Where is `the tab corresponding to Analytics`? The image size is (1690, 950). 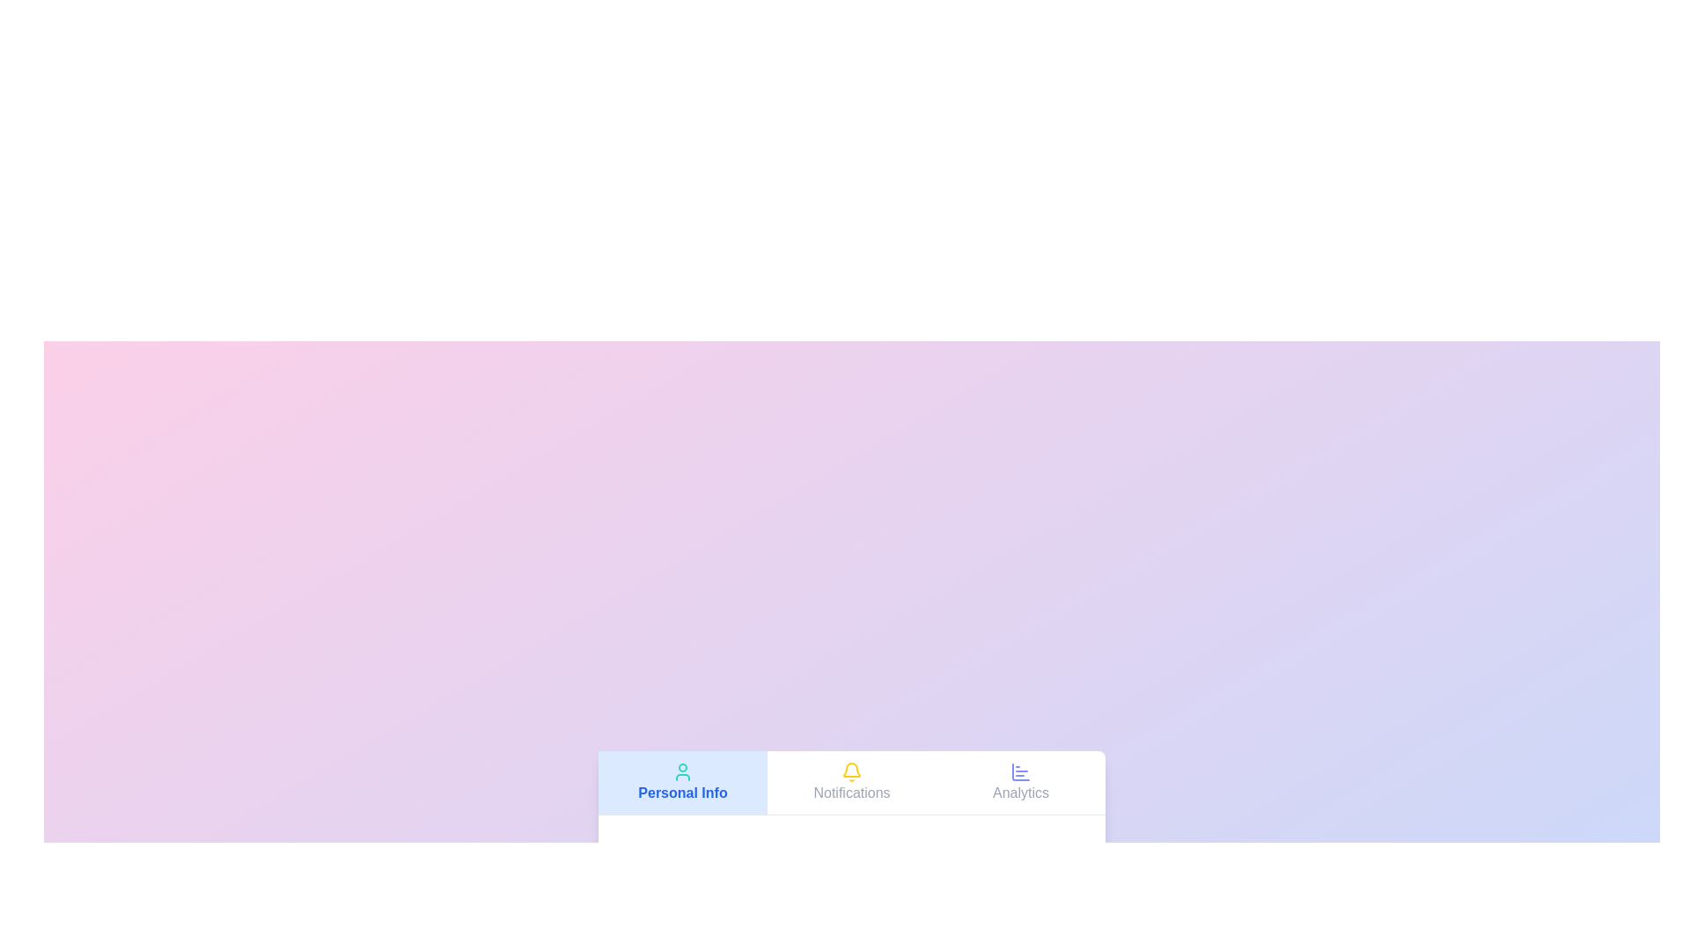
the tab corresponding to Analytics is located at coordinates (1021, 781).